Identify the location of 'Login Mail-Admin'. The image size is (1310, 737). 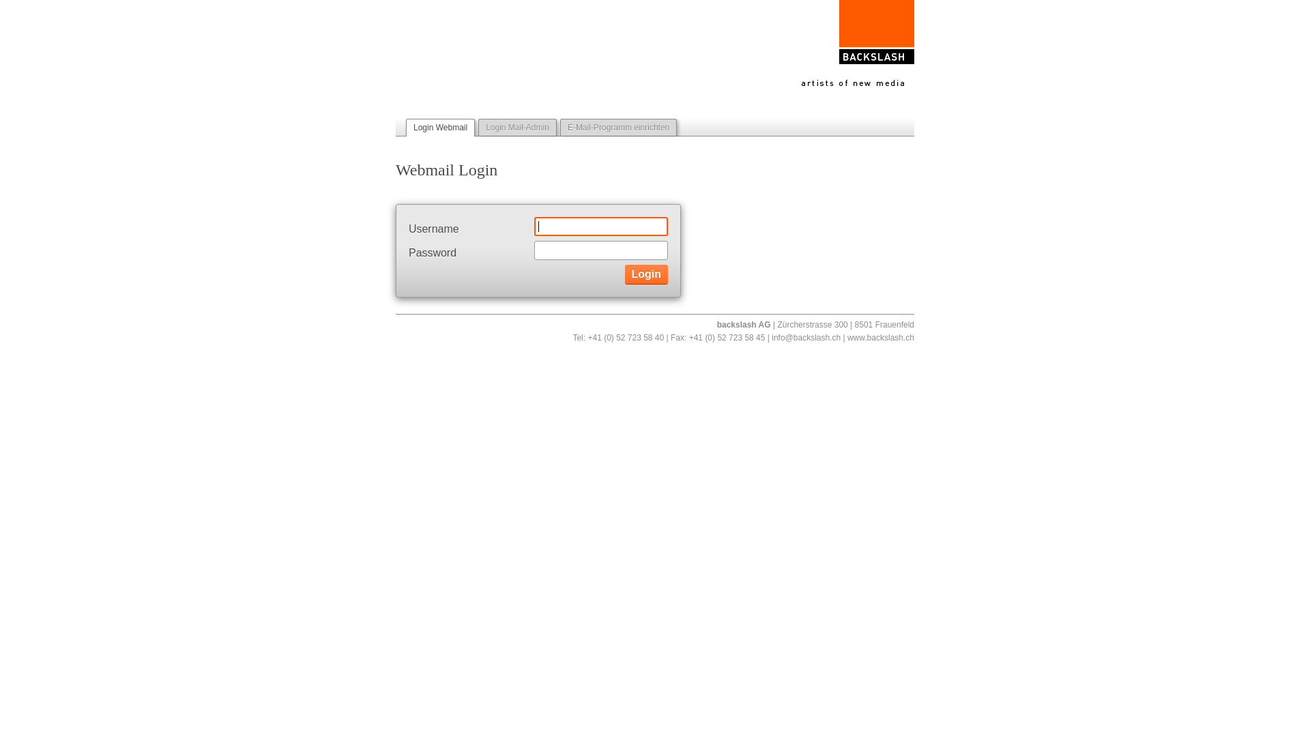
(516, 127).